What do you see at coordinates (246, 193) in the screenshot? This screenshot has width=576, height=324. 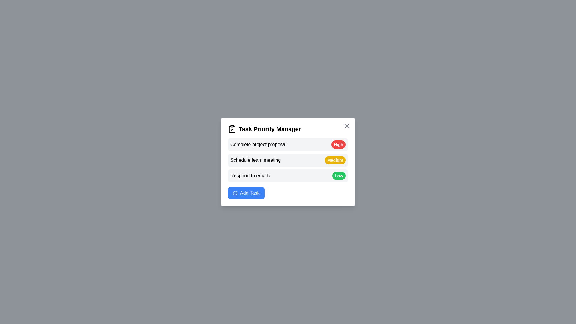 I see `the 'Add Task' button to add a new task` at bounding box center [246, 193].